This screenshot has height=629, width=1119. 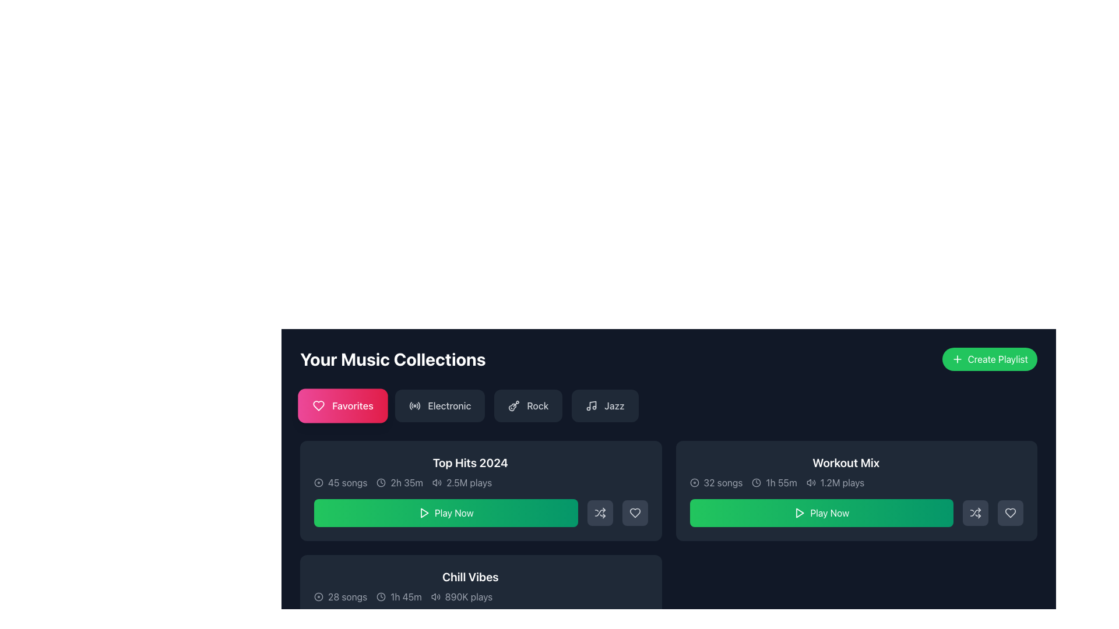 What do you see at coordinates (352, 405) in the screenshot?
I see `informational text label 'Favorites' which is centered within its pink gradient button in the menu bar below 'Your Music Collections'` at bounding box center [352, 405].